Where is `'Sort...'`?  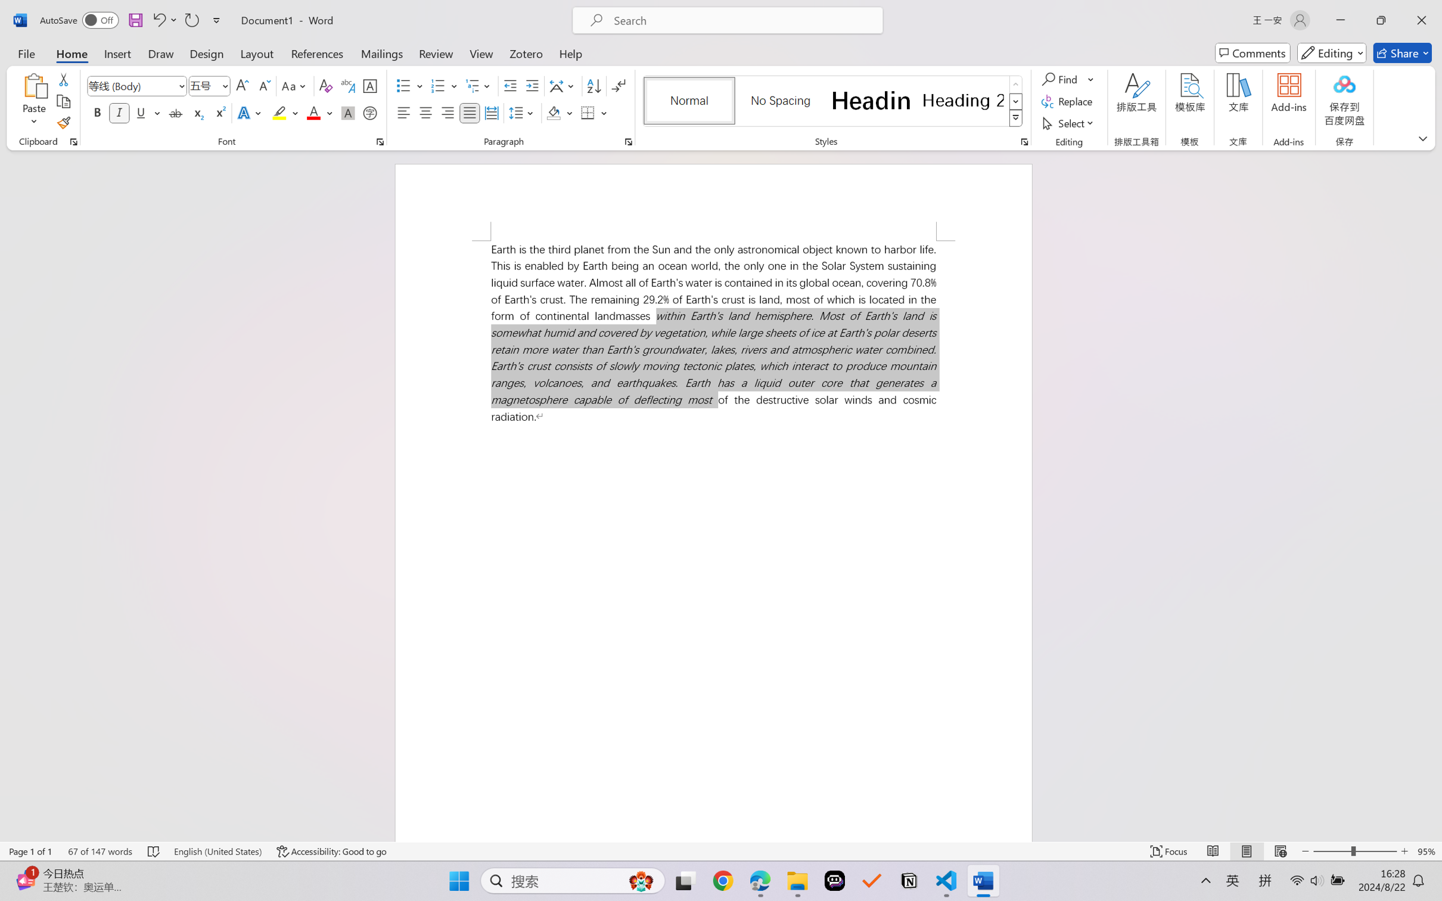 'Sort...' is located at coordinates (593, 86).